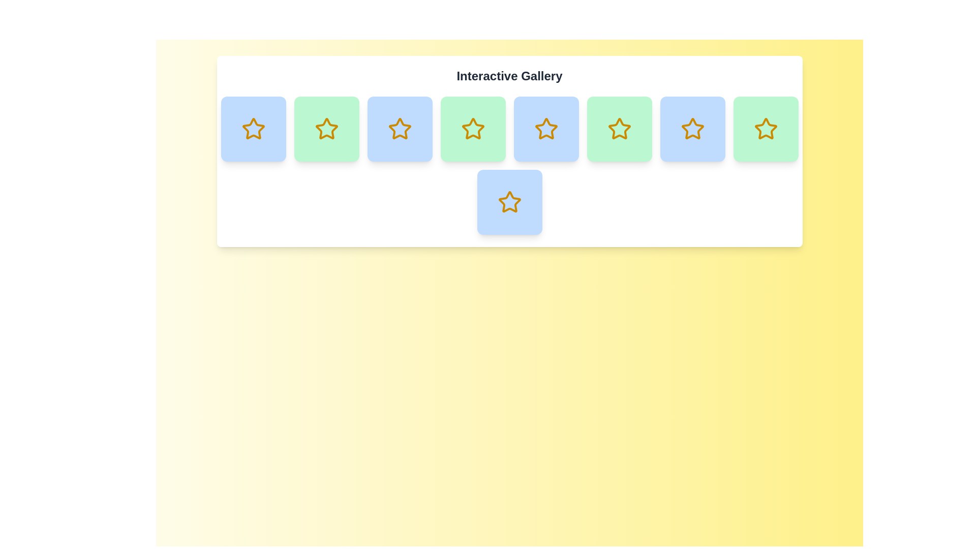  Describe the element at coordinates (509, 76) in the screenshot. I see `text of the centered heading labeled 'Interactive Gallery', which is displayed in bold at the top of the panel` at that location.